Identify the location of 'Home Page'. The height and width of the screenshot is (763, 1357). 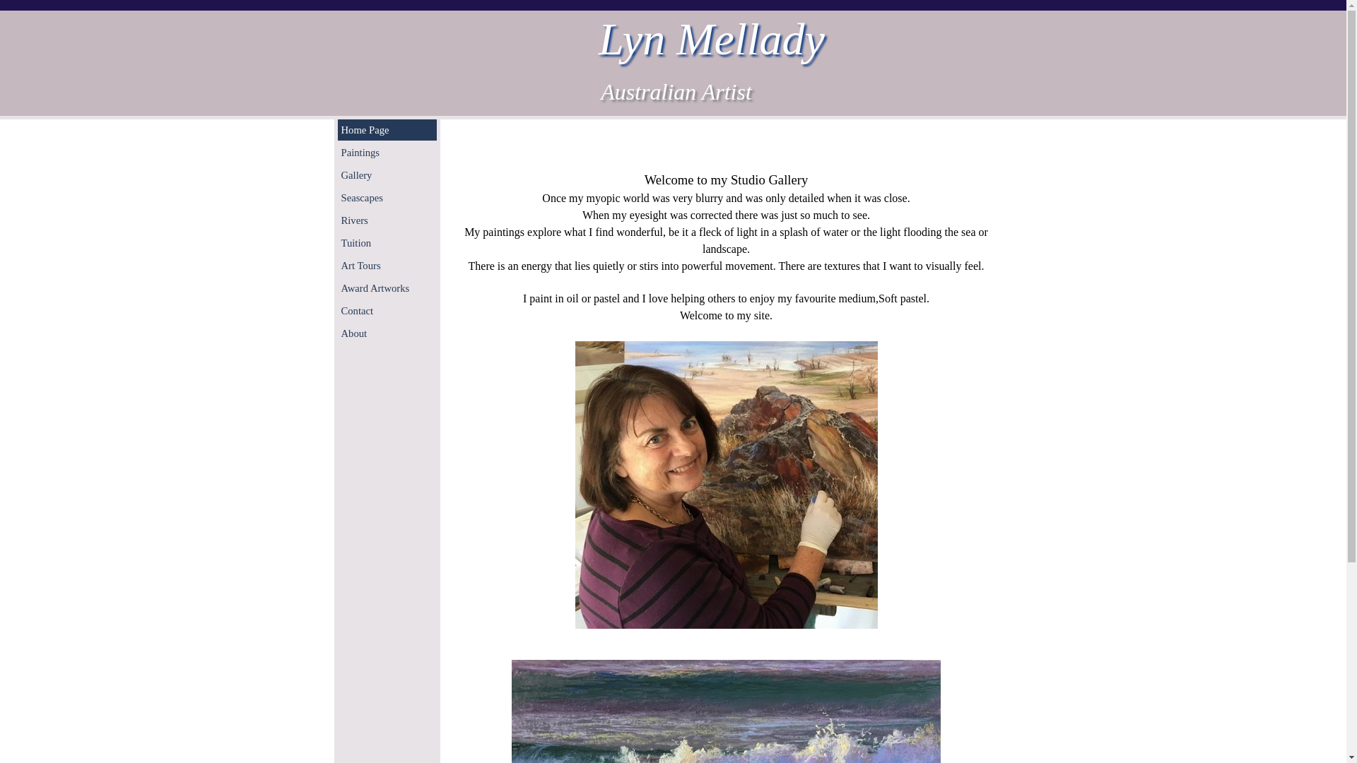
(340, 130).